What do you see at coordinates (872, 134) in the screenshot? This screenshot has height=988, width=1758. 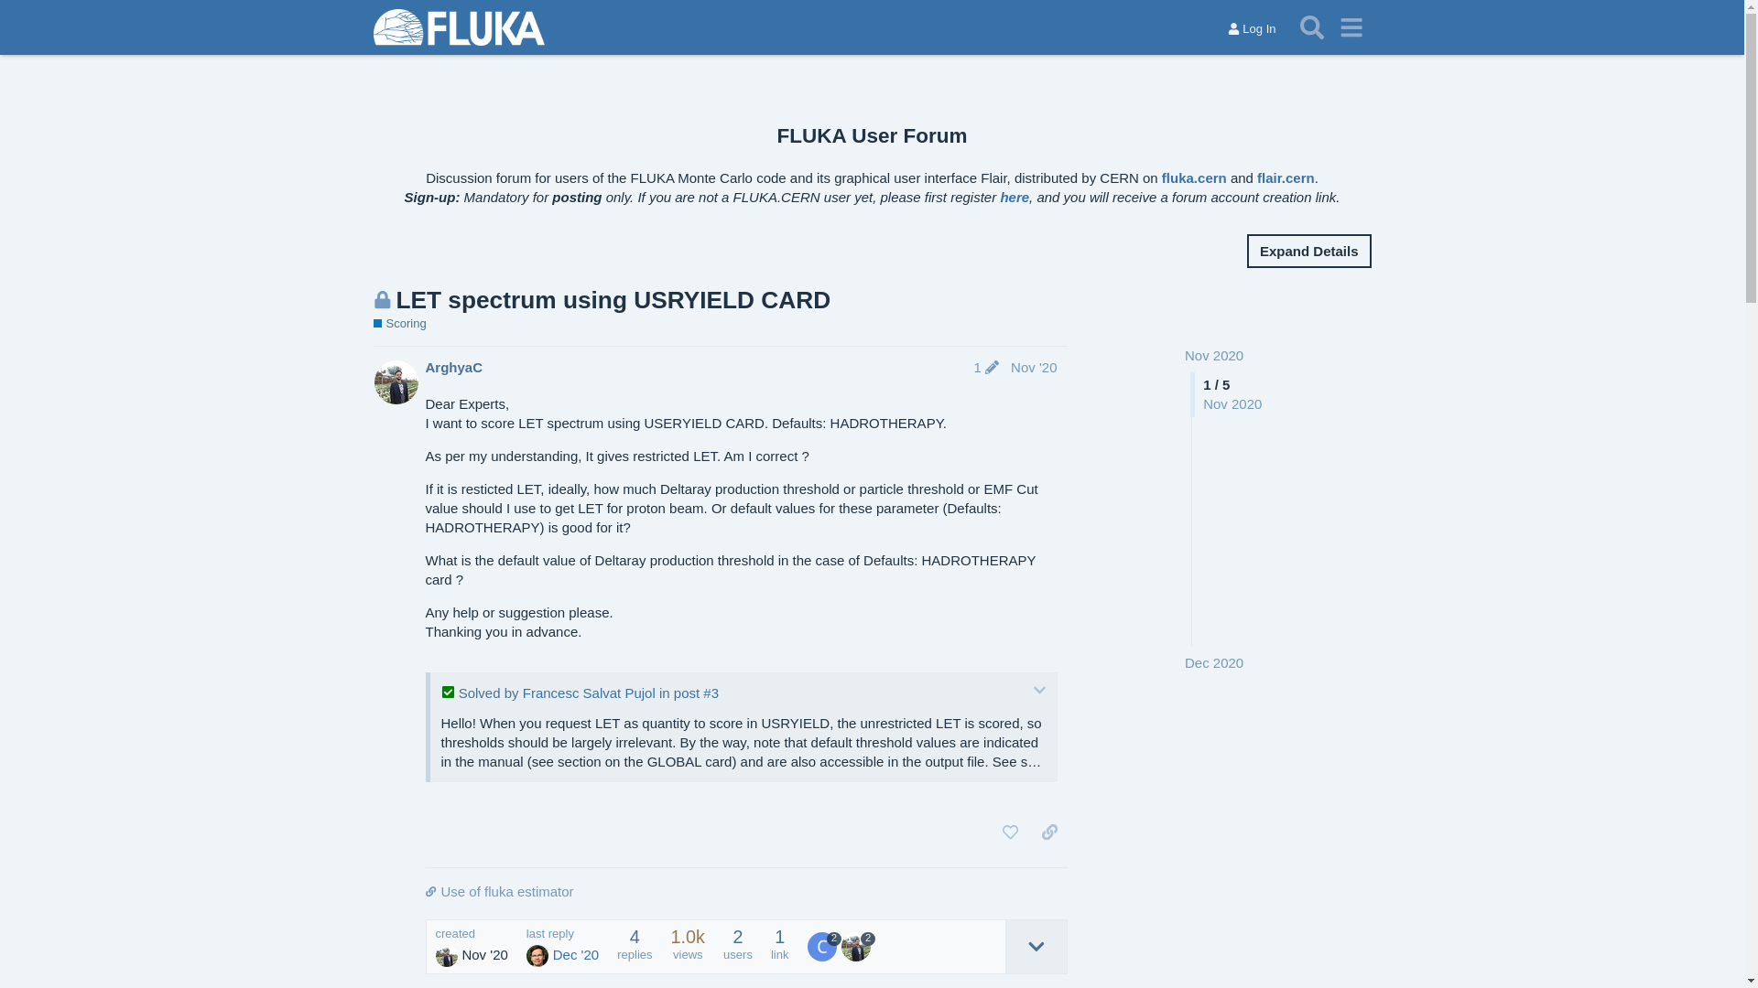 I see `'FLUKA User Forum'` at bounding box center [872, 134].